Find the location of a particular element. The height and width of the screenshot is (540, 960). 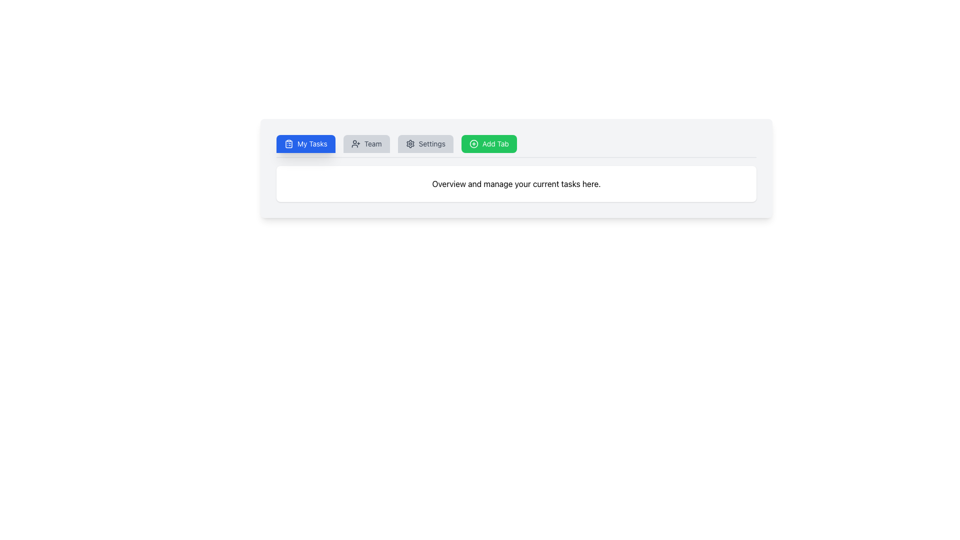

the user addition icon located within the 'Team' button, the second button from the left in the navigation bar is located at coordinates (355, 144).